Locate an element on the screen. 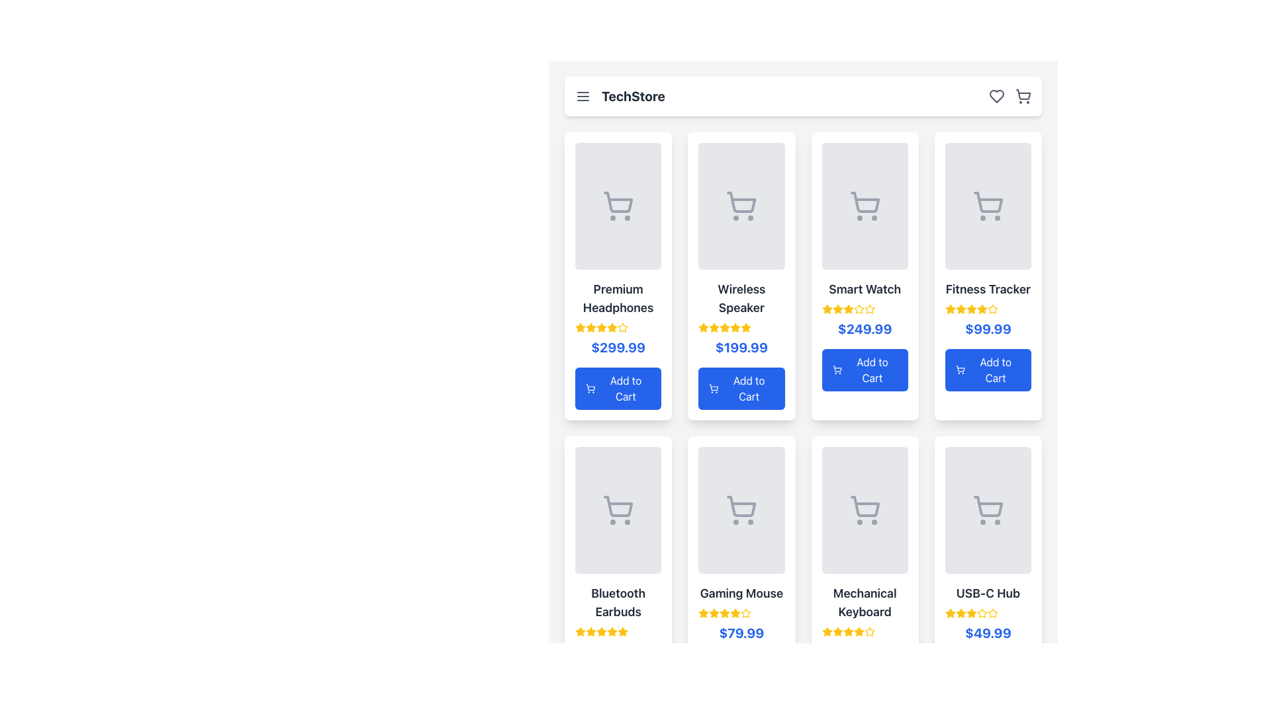 This screenshot has width=1271, height=714. the third yellow star icon in the rating system located beneath the Wireless Speaker product card is located at coordinates (703, 327).